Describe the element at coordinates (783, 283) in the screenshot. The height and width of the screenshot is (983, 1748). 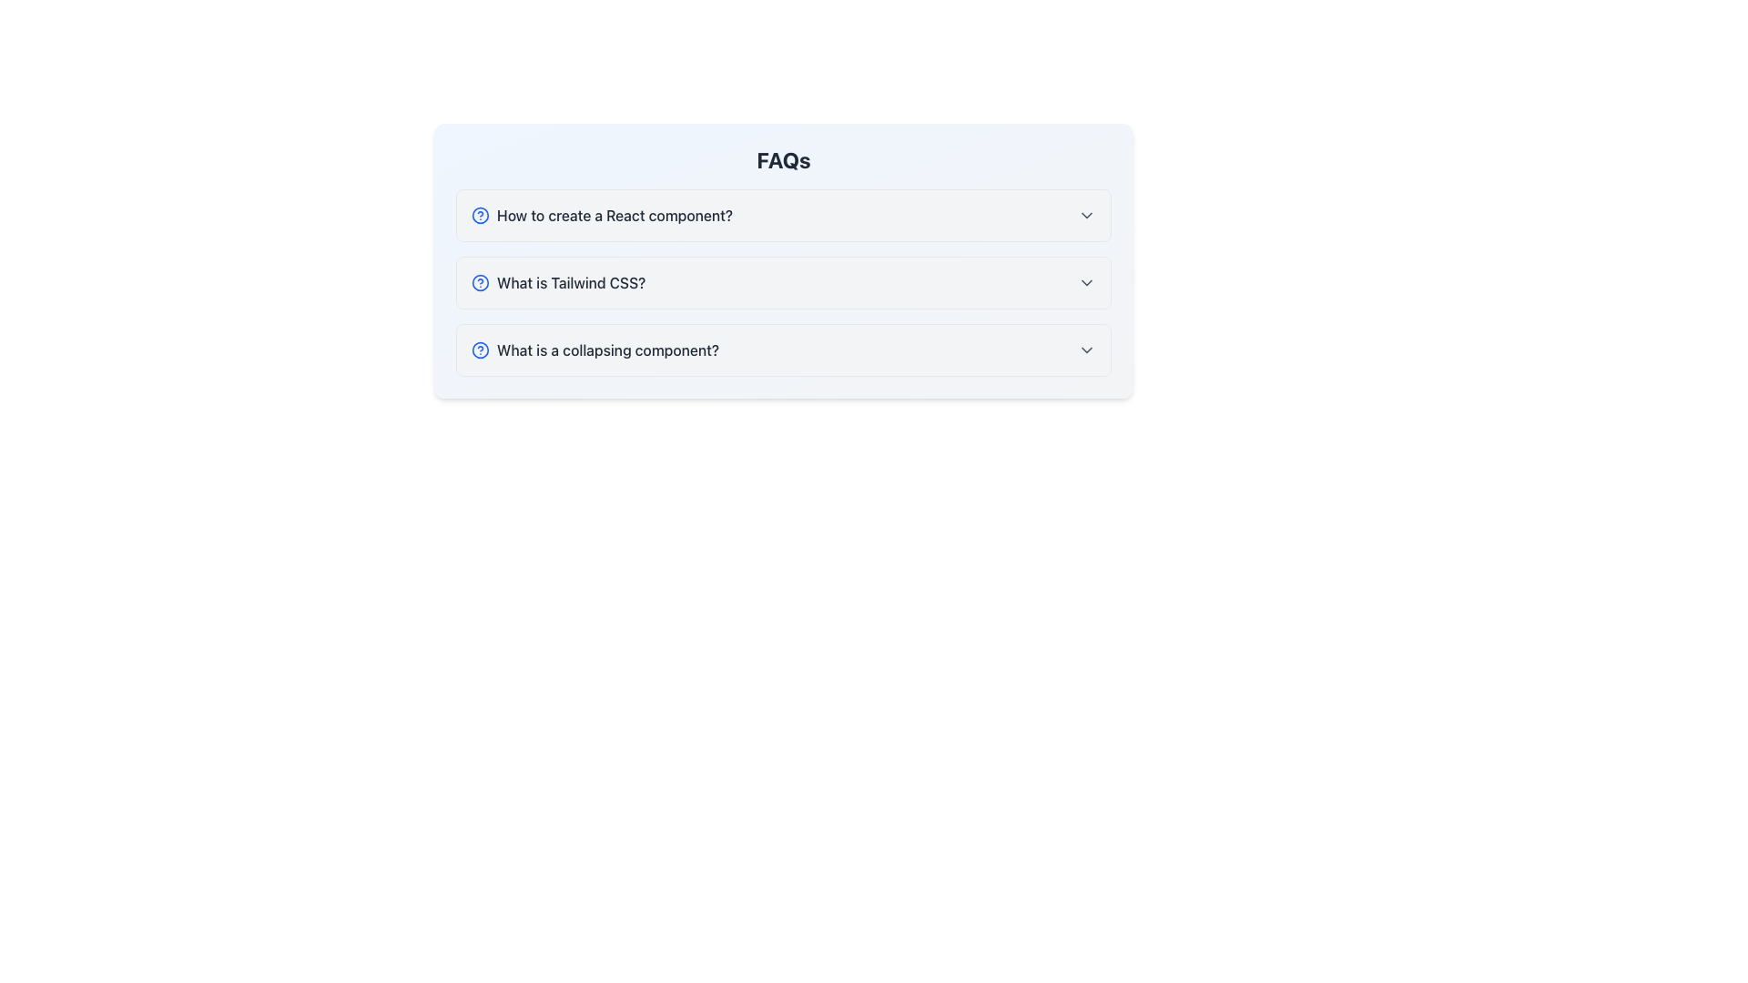
I see `the second FAQ item button in the FAQ list` at that location.